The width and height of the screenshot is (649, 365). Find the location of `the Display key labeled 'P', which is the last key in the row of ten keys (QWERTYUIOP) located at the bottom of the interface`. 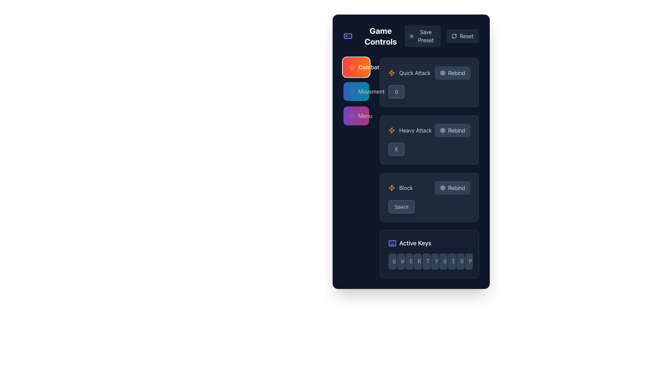

the Display key labeled 'P', which is the last key in the row of ten keys (QWERTYUIOP) located at the bottom of the interface is located at coordinates (468, 261).